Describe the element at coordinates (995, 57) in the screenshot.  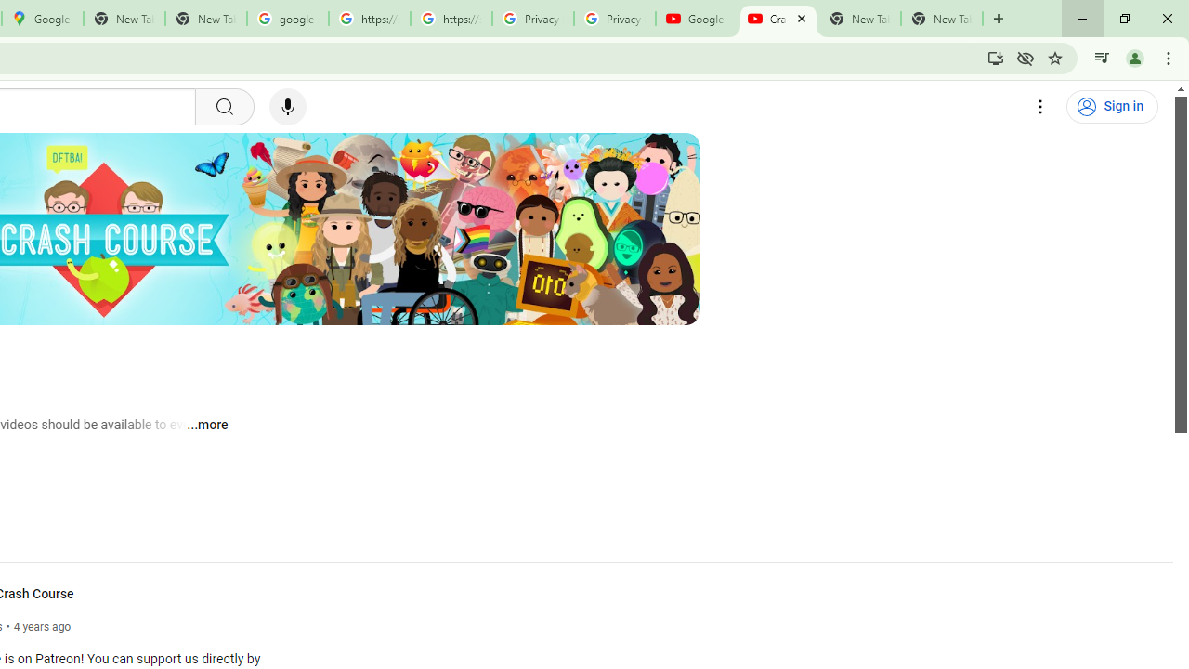
I see `'Install YouTube'` at that location.